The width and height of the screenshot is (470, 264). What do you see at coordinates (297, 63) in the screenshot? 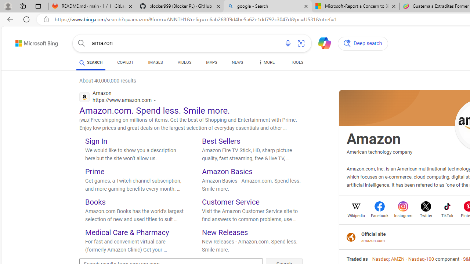
I see `'TOOLS'` at bounding box center [297, 63].